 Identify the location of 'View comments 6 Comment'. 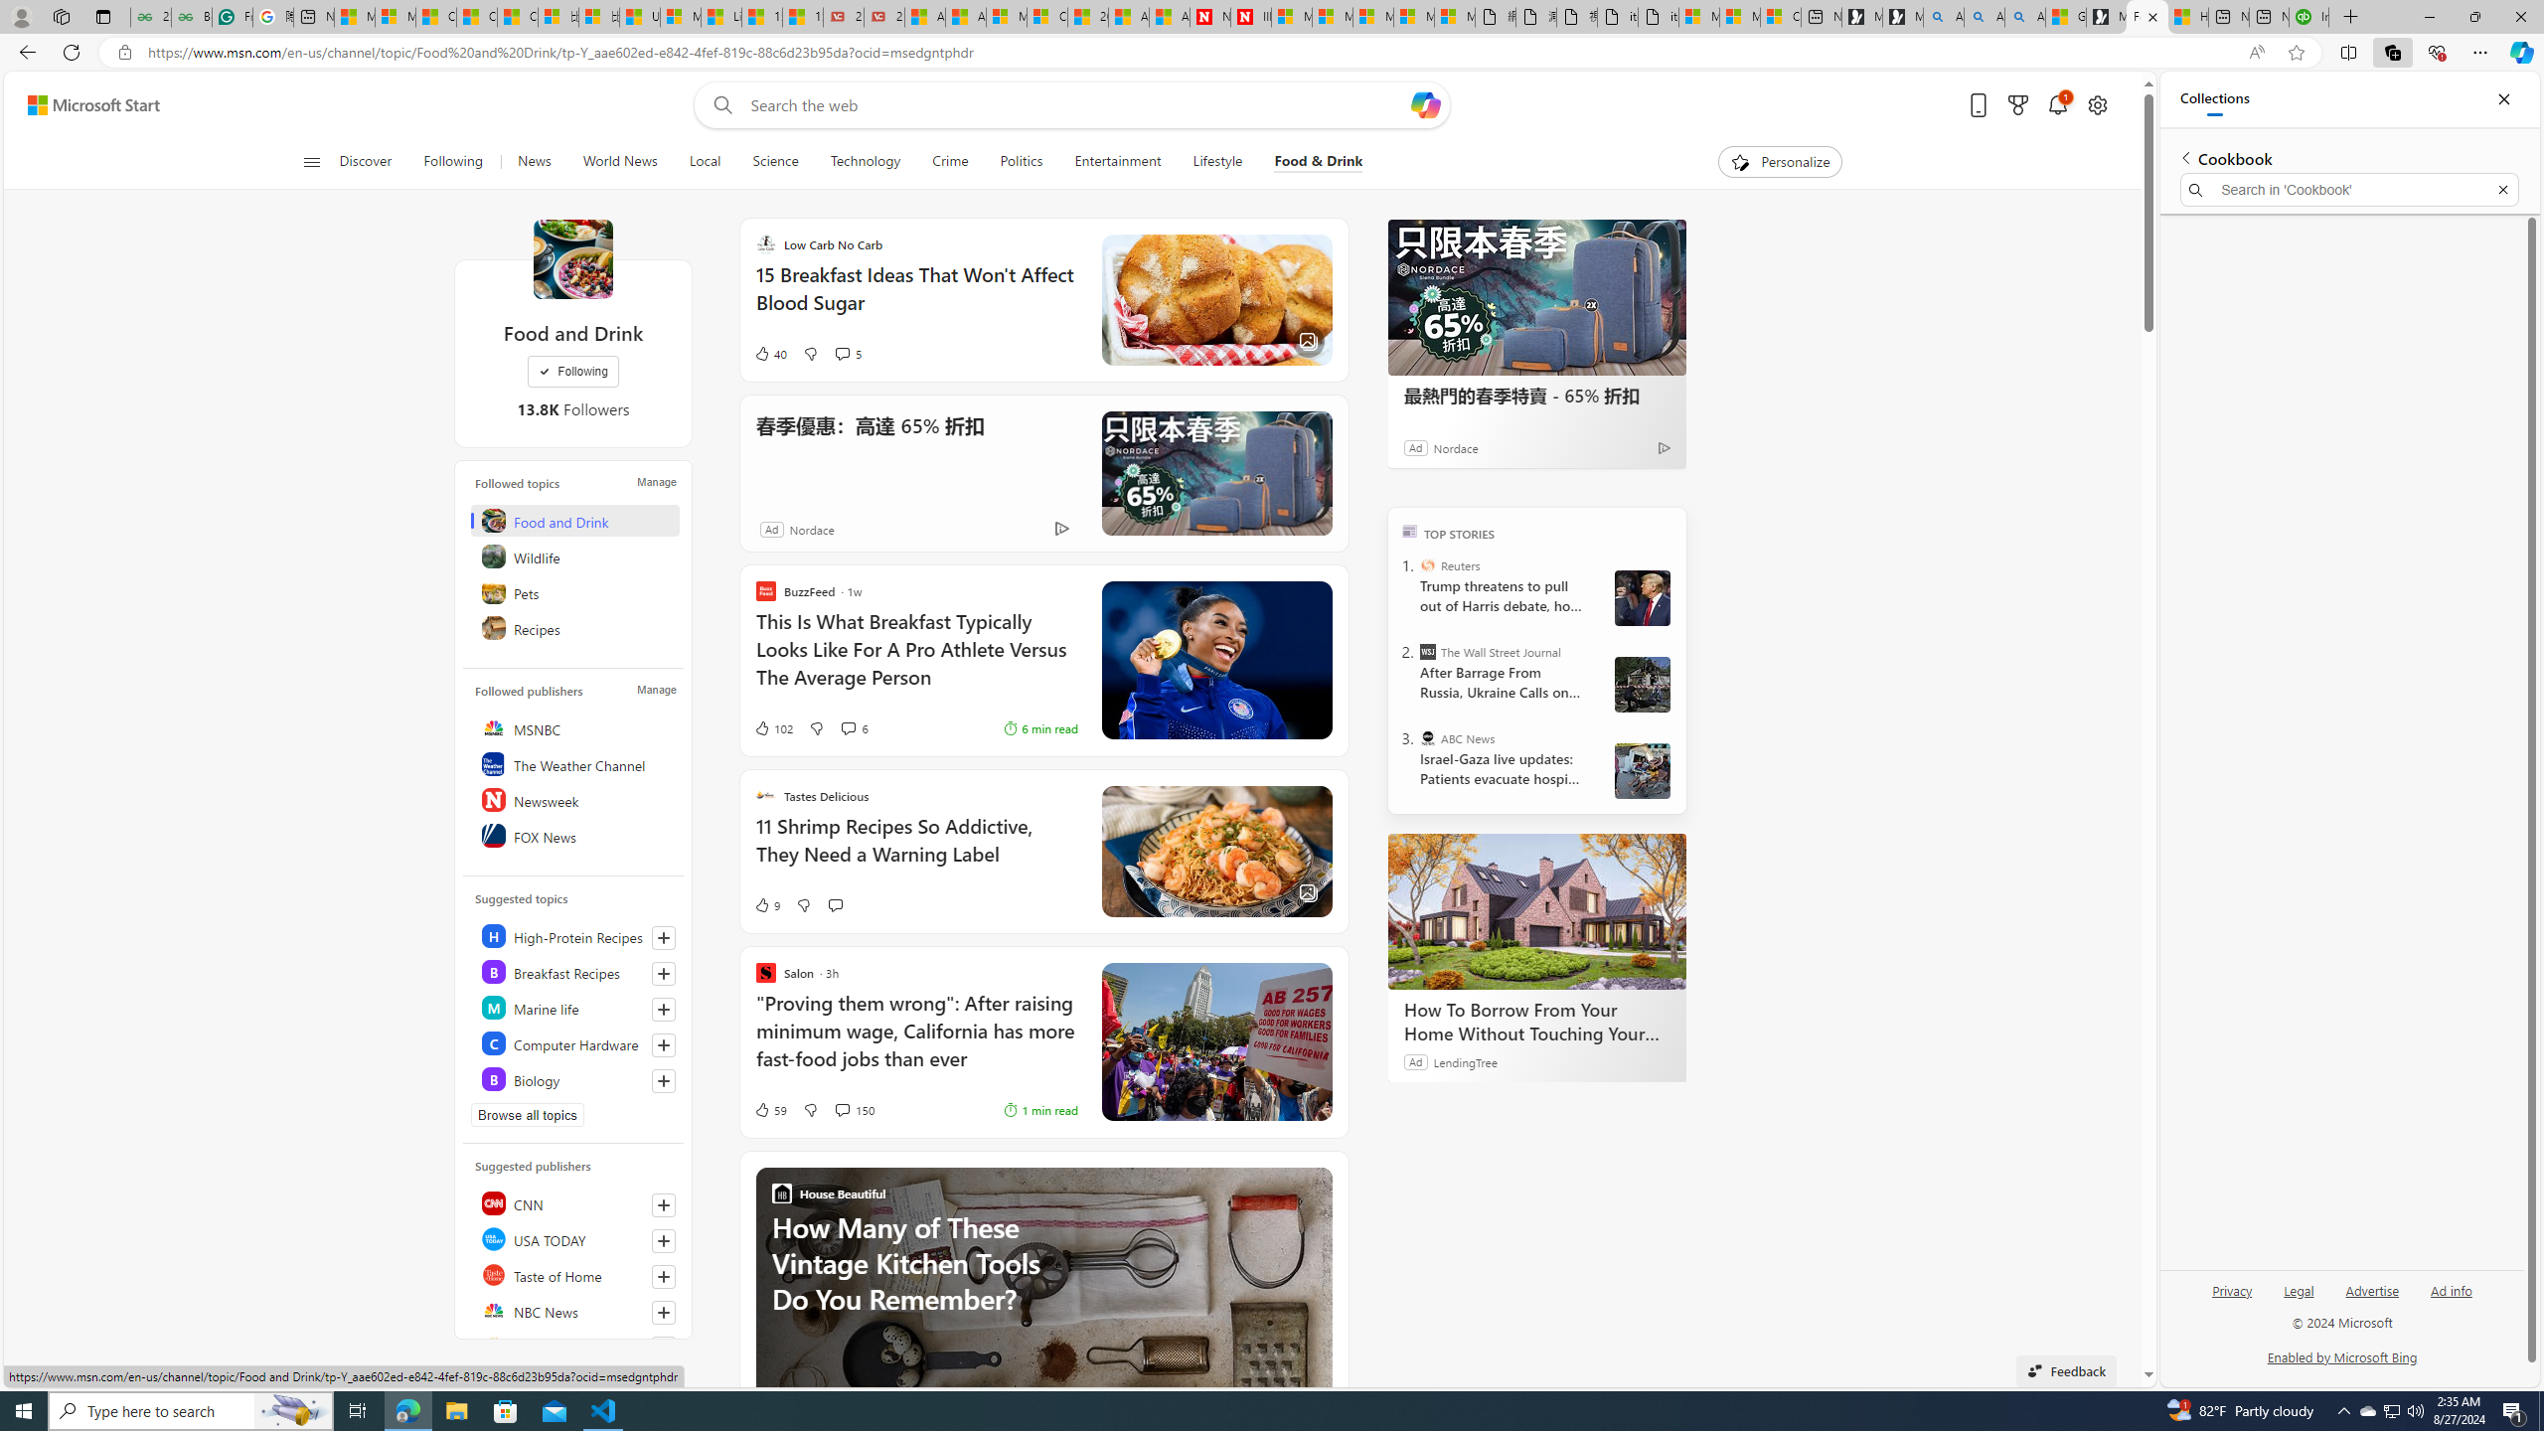
(855, 726).